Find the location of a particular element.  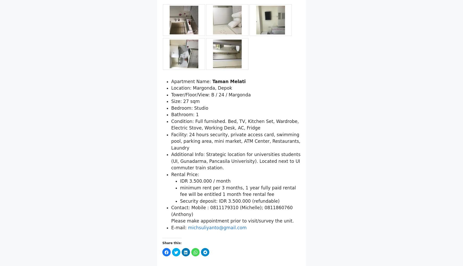

'Tower/Floor/View: B / 24 / Margonda' is located at coordinates (211, 122).